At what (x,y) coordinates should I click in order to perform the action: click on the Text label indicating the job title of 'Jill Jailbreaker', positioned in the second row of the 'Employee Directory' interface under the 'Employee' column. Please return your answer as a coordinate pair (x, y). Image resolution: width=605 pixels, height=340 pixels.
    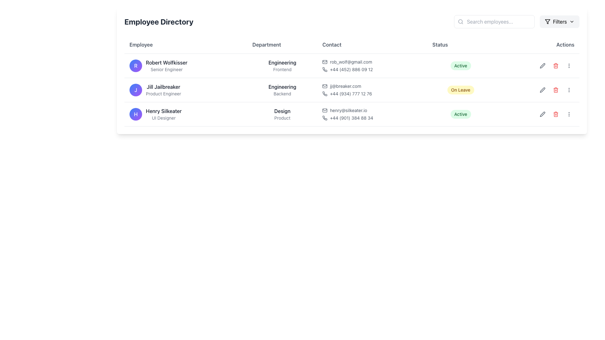
    Looking at the image, I should click on (163, 93).